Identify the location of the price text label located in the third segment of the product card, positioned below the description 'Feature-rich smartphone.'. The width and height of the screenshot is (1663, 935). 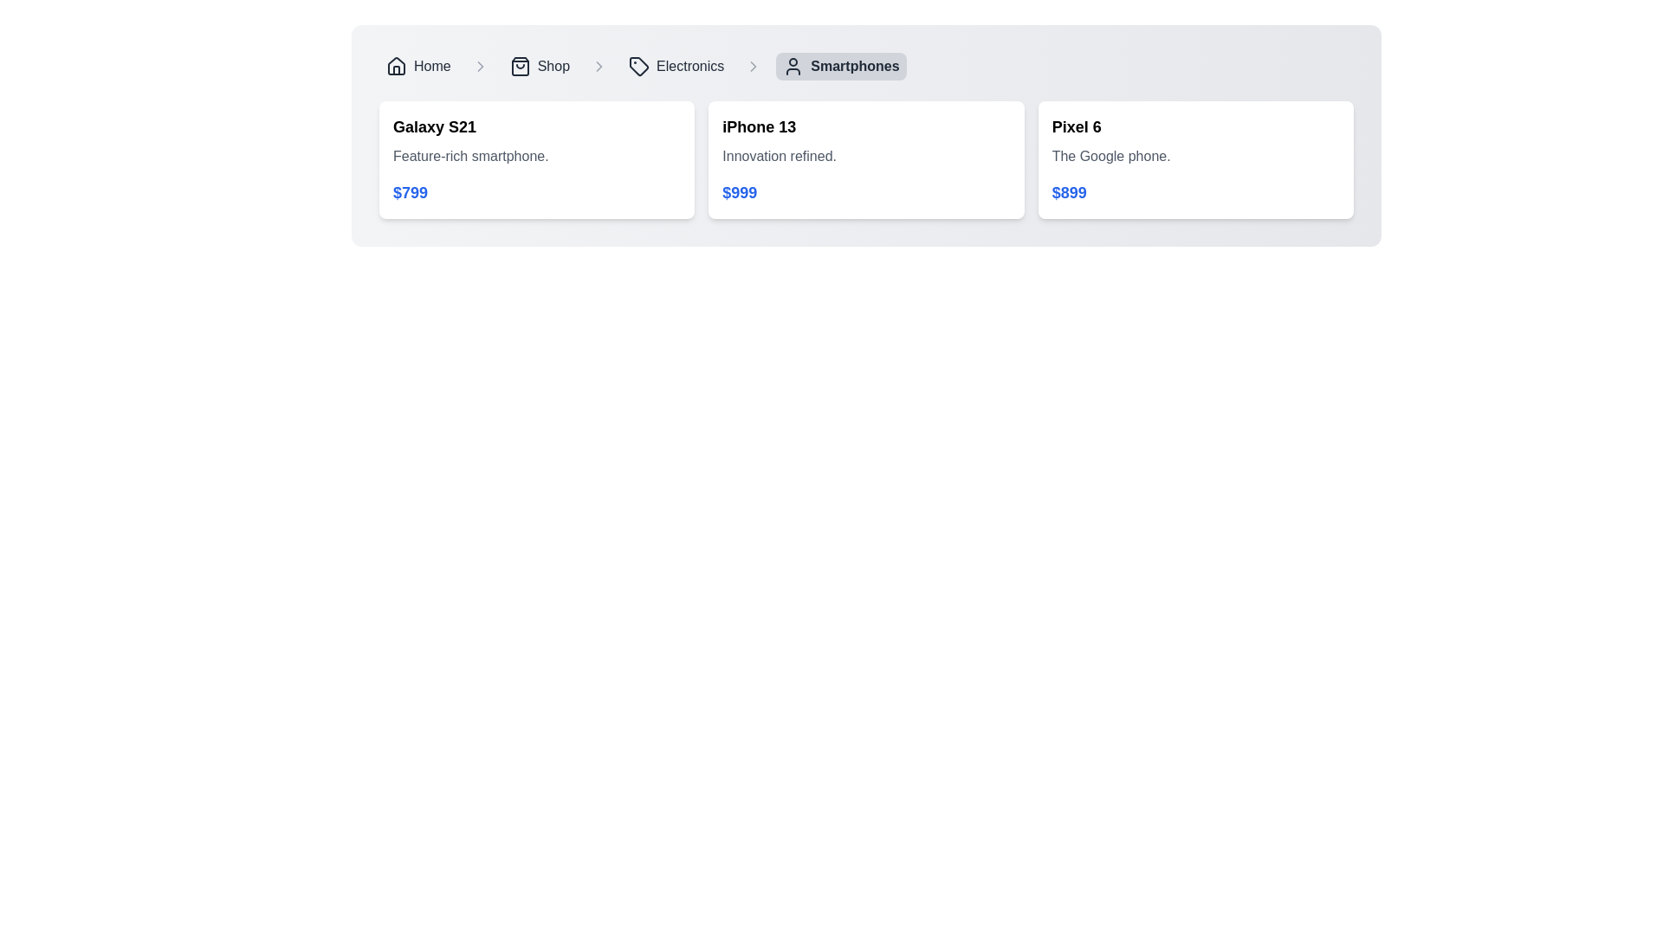
(410, 193).